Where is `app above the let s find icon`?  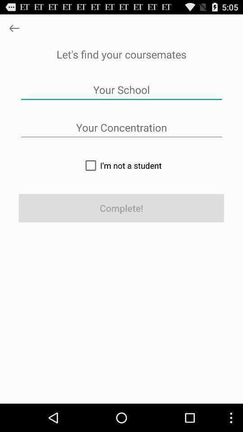
app above the let s find icon is located at coordinates (13, 28).